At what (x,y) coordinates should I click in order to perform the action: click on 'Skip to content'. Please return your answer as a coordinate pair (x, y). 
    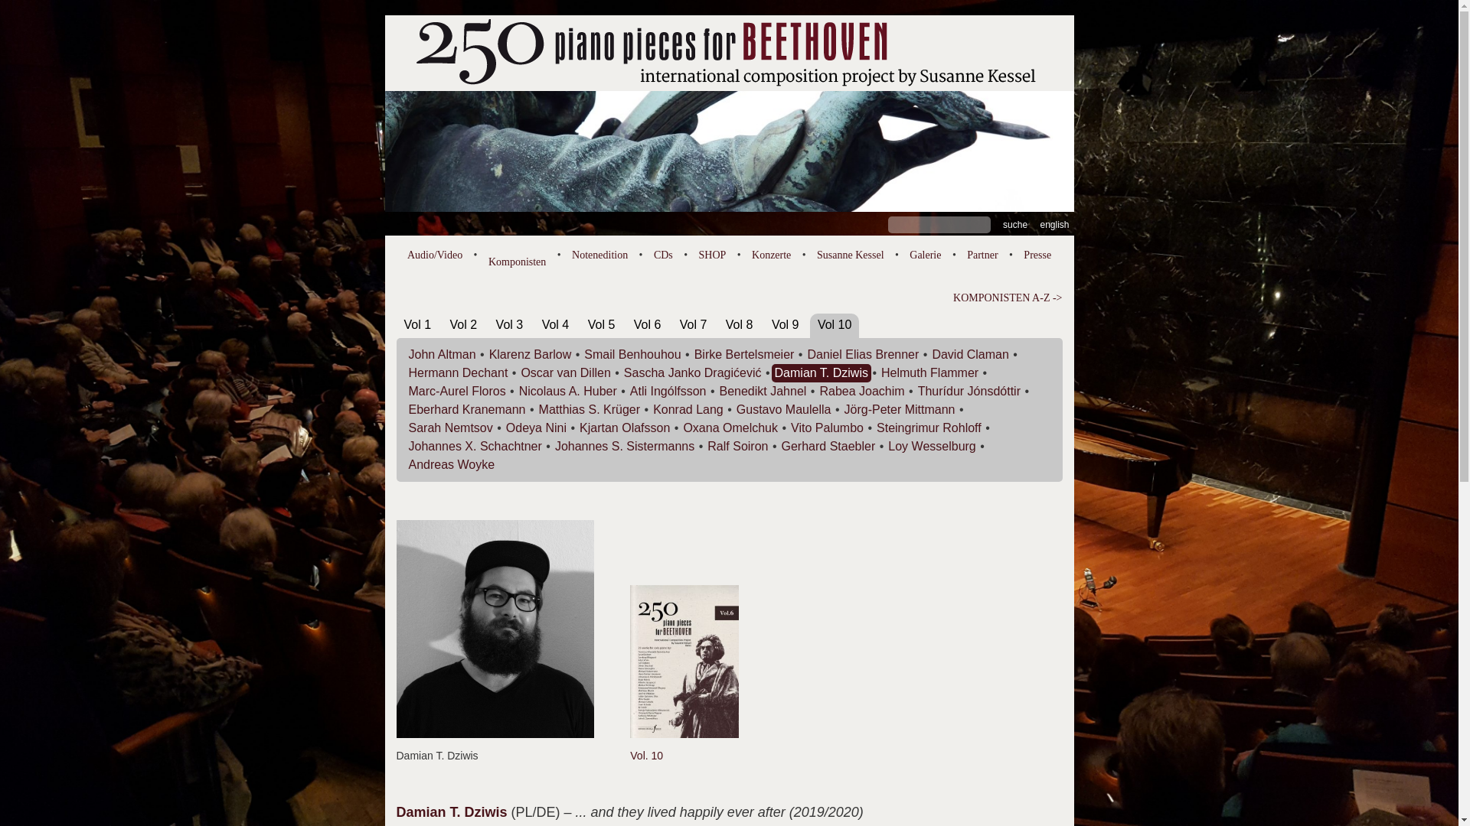
    Looking at the image, I should click on (384, 15).